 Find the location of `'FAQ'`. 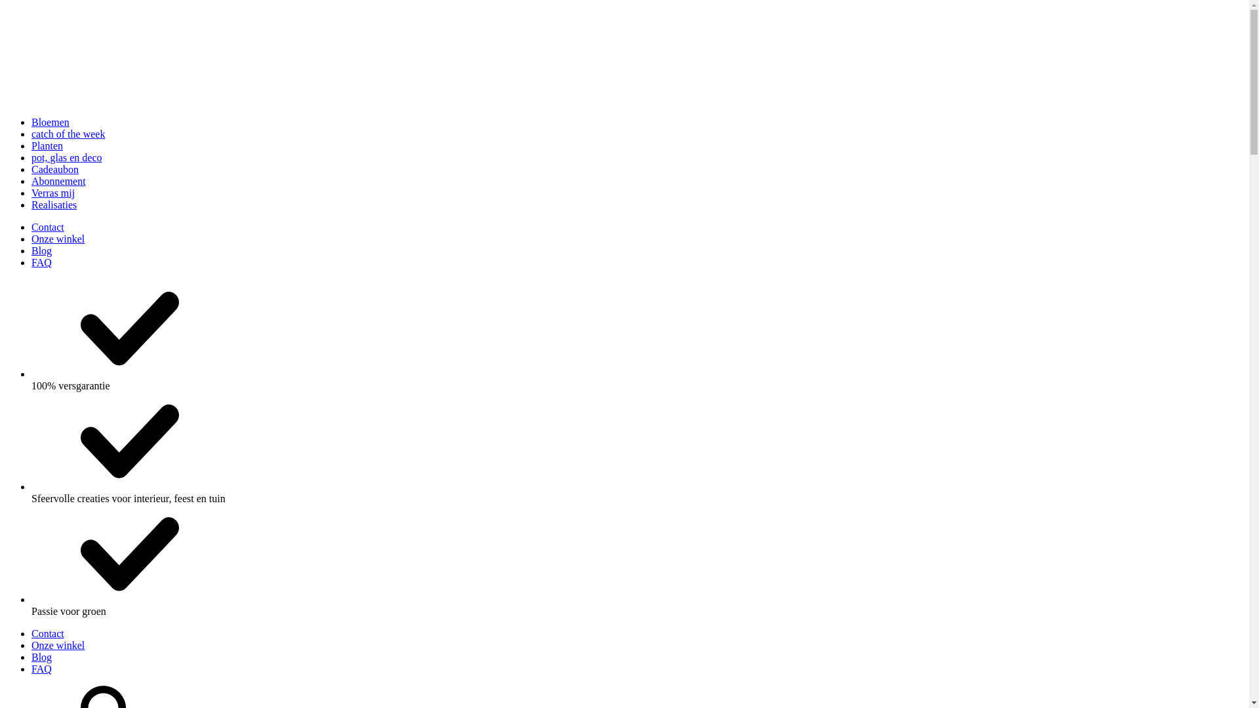

'FAQ' is located at coordinates (41, 262).